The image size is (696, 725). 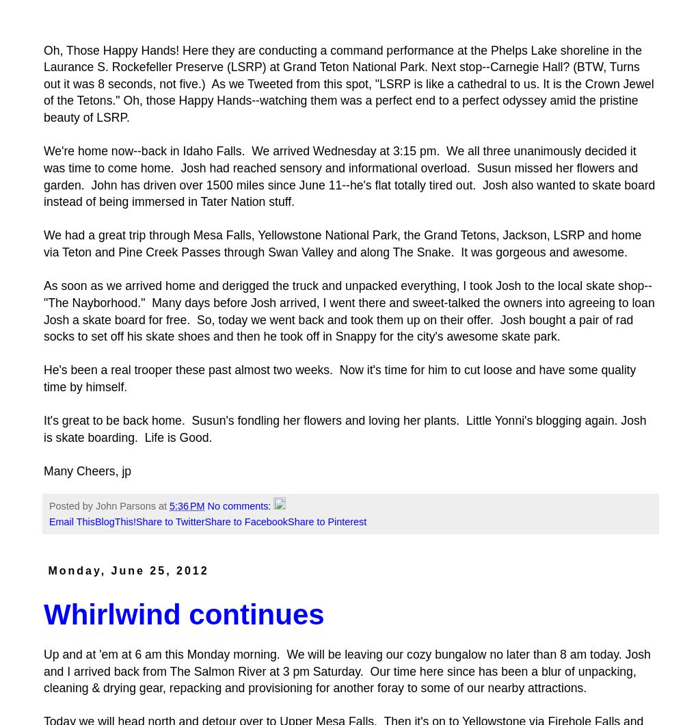 I want to click on 'Up and at 'em at 6 am this Monday morning.  We will be leaving our cozy bungalow no later than 8 am today. Josh and I arrived back from The Salmon River at 3 pm Saturday.  Our time here since has been a blur of unpacking, cleaning & drying gear, repacking and provisioning for another foray to some of our nearby attractions.', so click(x=347, y=670).